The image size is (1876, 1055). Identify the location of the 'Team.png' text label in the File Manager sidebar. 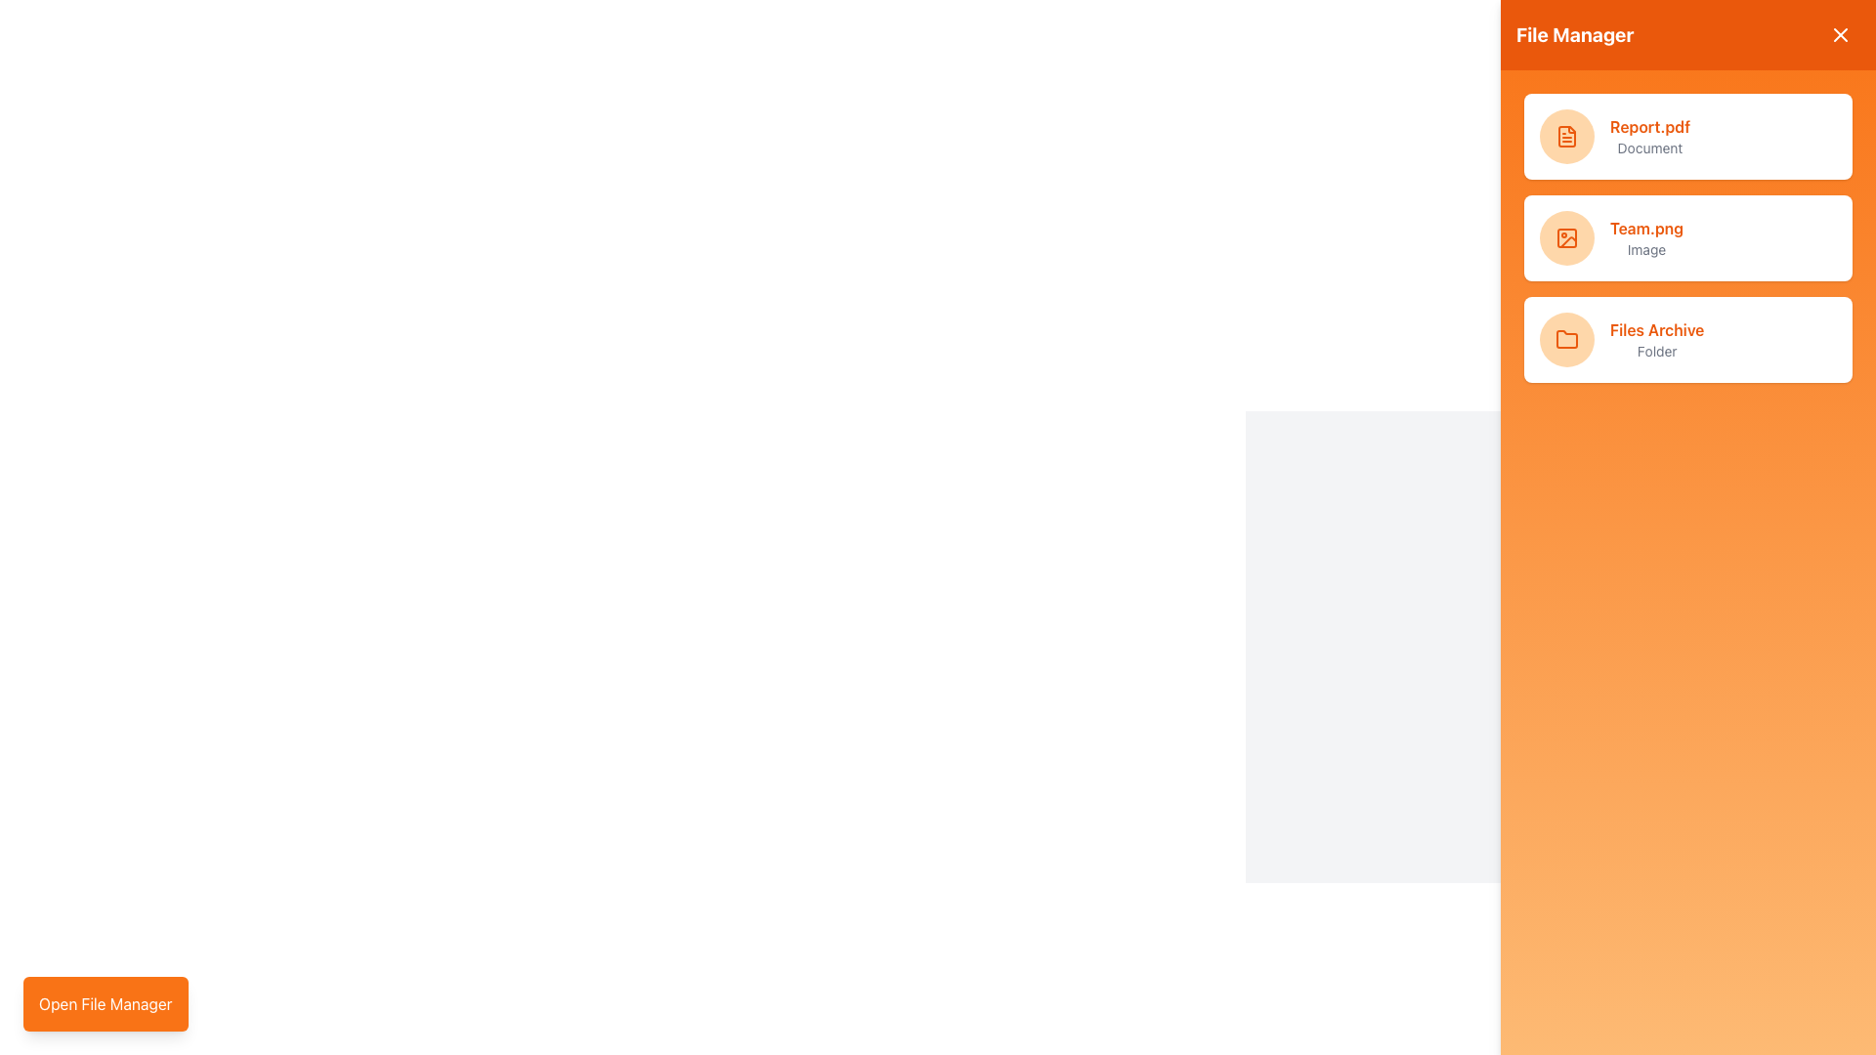
(1645, 236).